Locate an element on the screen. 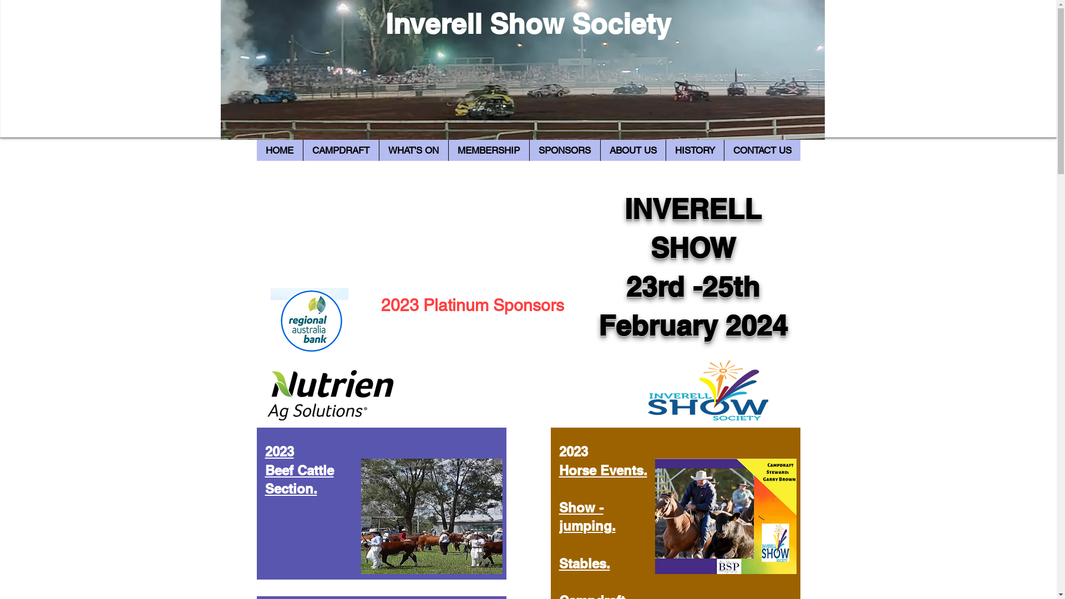 The width and height of the screenshot is (1065, 599). 'FBOOK RAB LOGO.PNG' is located at coordinates (309, 321).